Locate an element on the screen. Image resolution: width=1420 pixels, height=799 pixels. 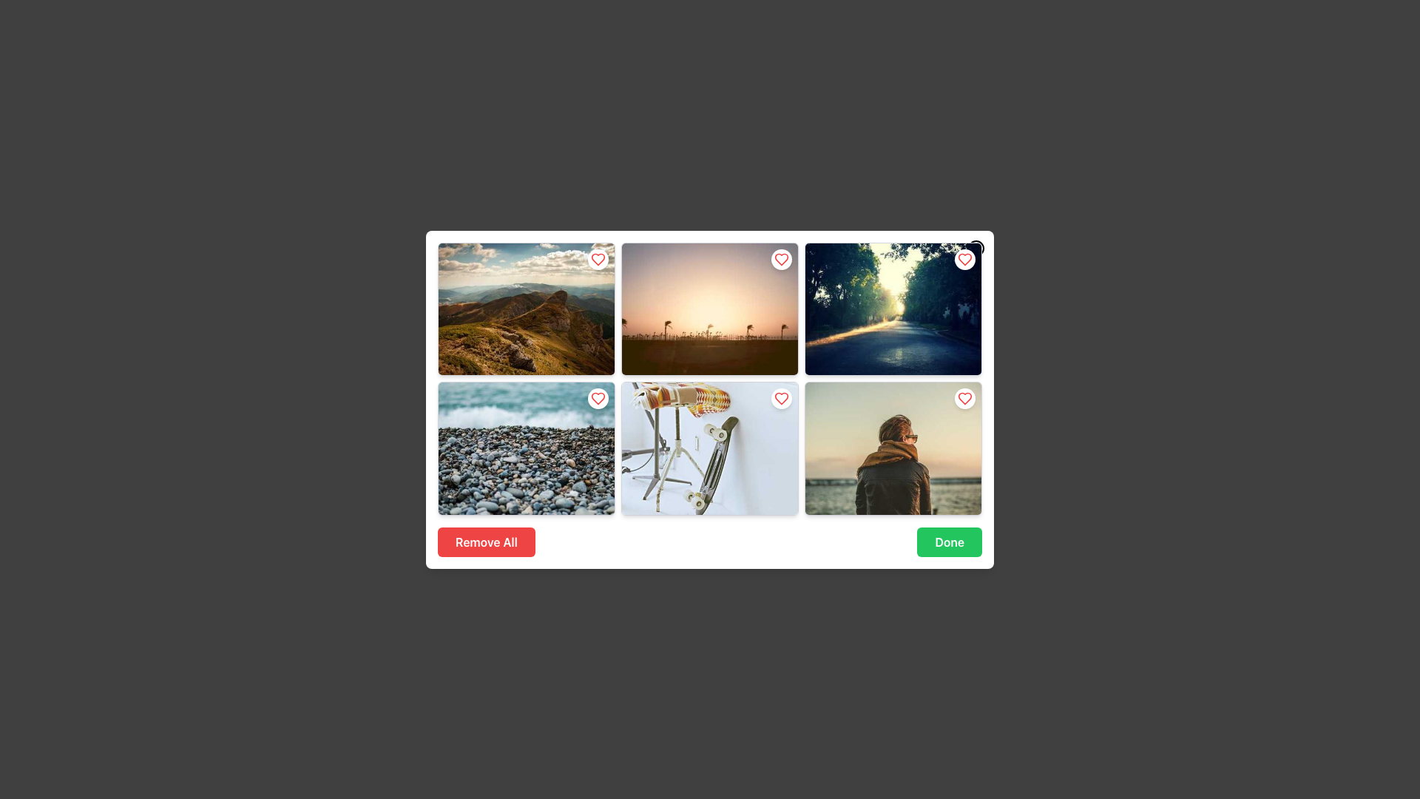
the Image Card with rounded borders and a white heart-shaped icon at the top-right corner to scale the image within it is located at coordinates (710, 447).